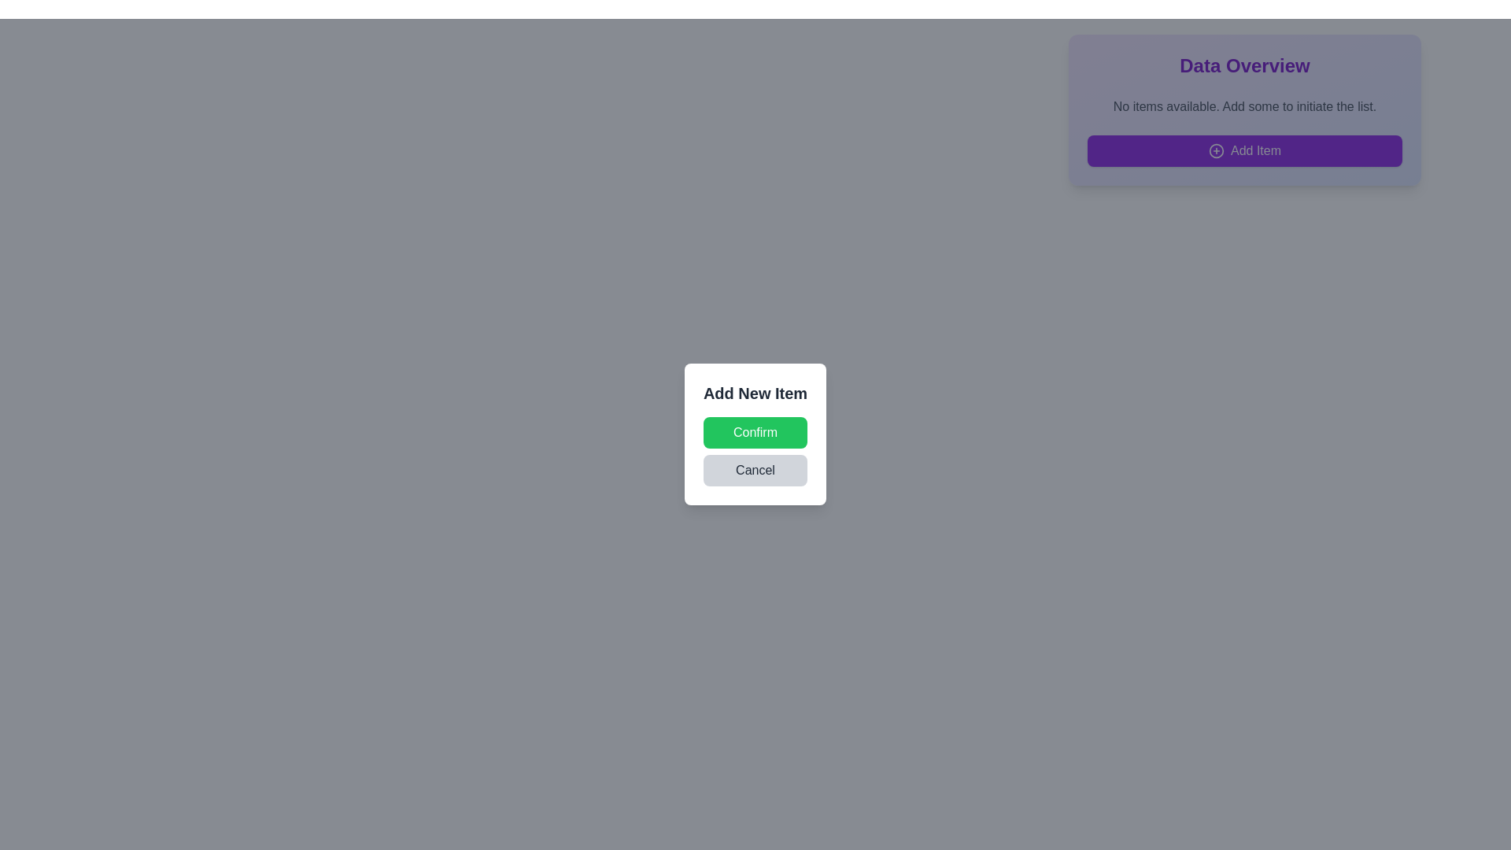 This screenshot has height=850, width=1511. What do you see at coordinates (755, 469) in the screenshot?
I see `the second button in the vertical sequence within the modal dialog box` at bounding box center [755, 469].